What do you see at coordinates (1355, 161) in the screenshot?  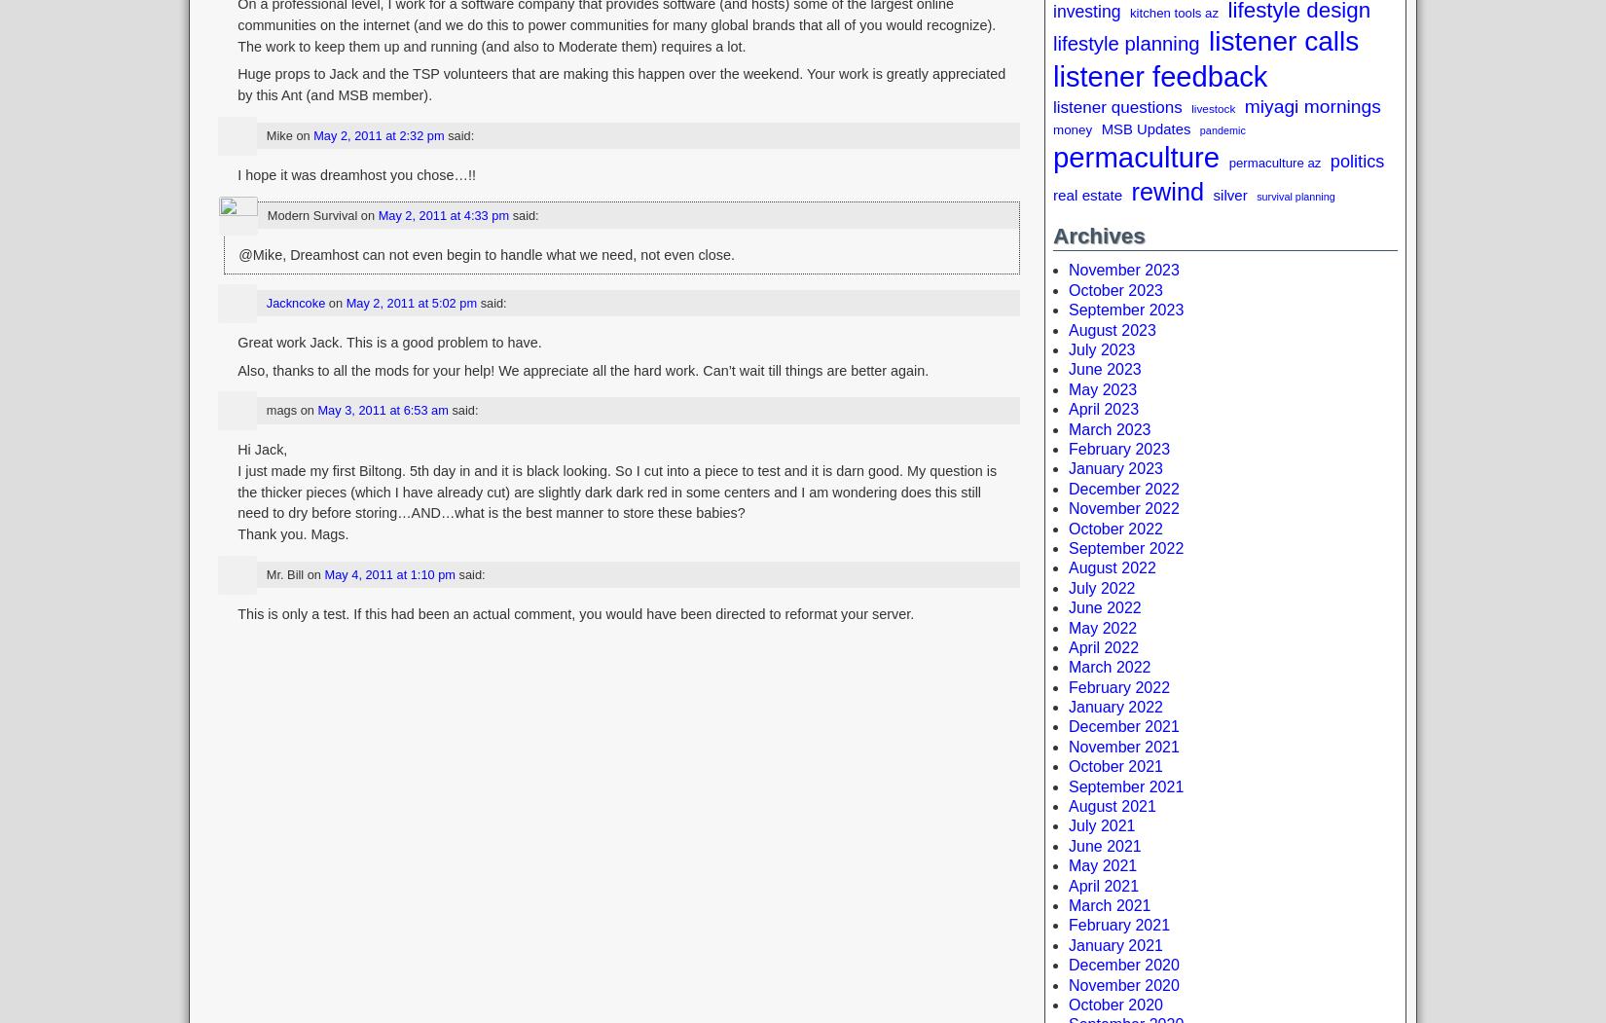 I see `'politics'` at bounding box center [1355, 161].